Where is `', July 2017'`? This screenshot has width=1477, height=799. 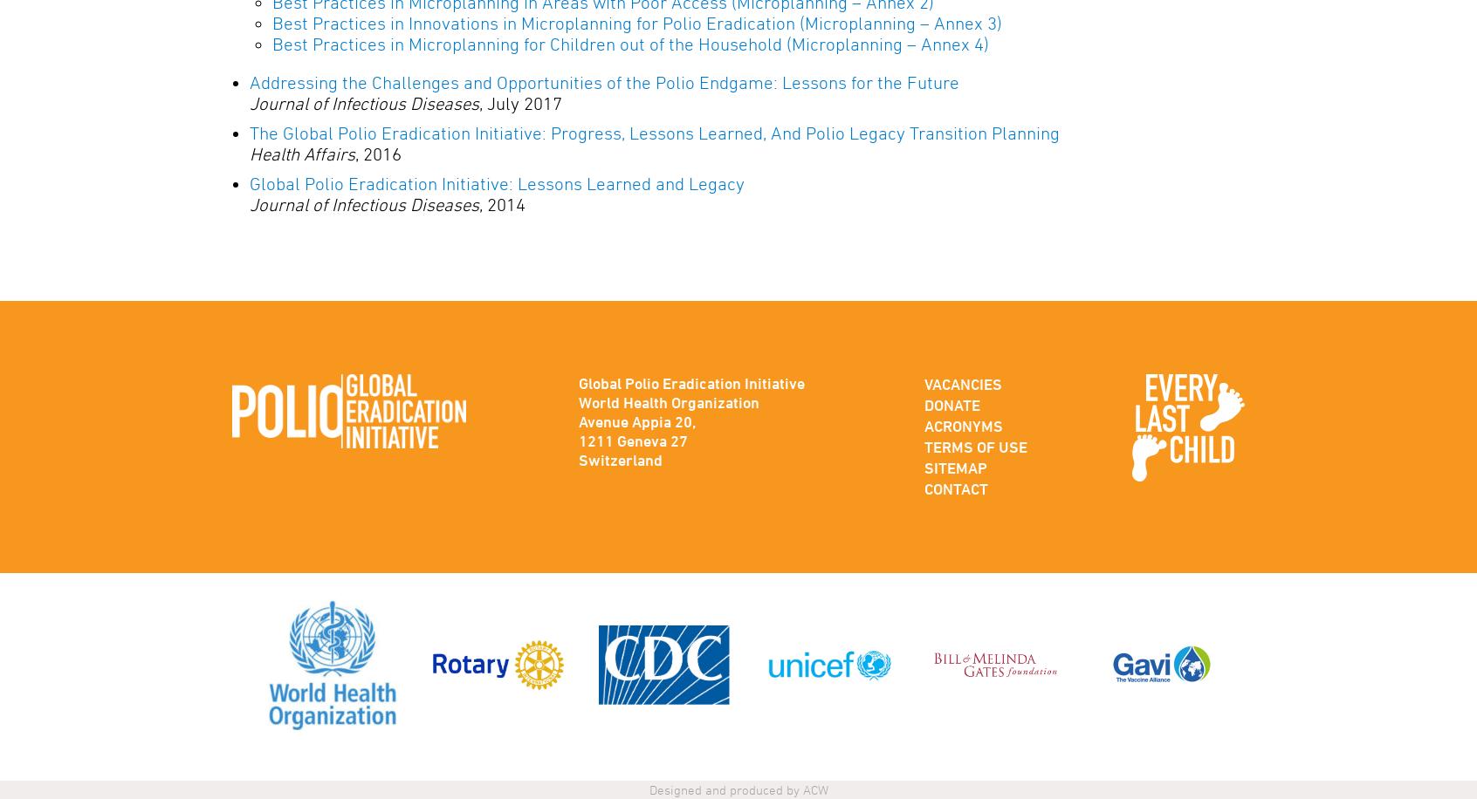 ', July 2017' is located at coordinates (519, 103).